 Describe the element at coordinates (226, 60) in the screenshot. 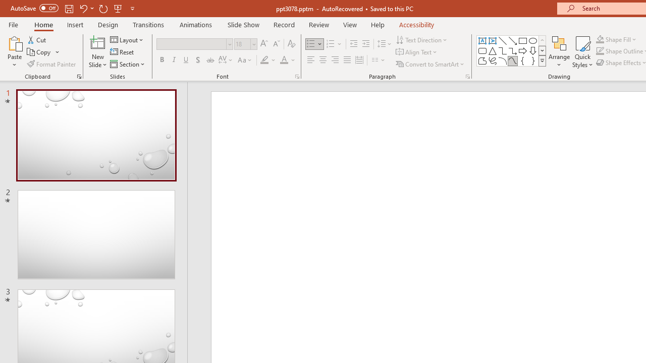

I see `'Character Spacing'` at that location.